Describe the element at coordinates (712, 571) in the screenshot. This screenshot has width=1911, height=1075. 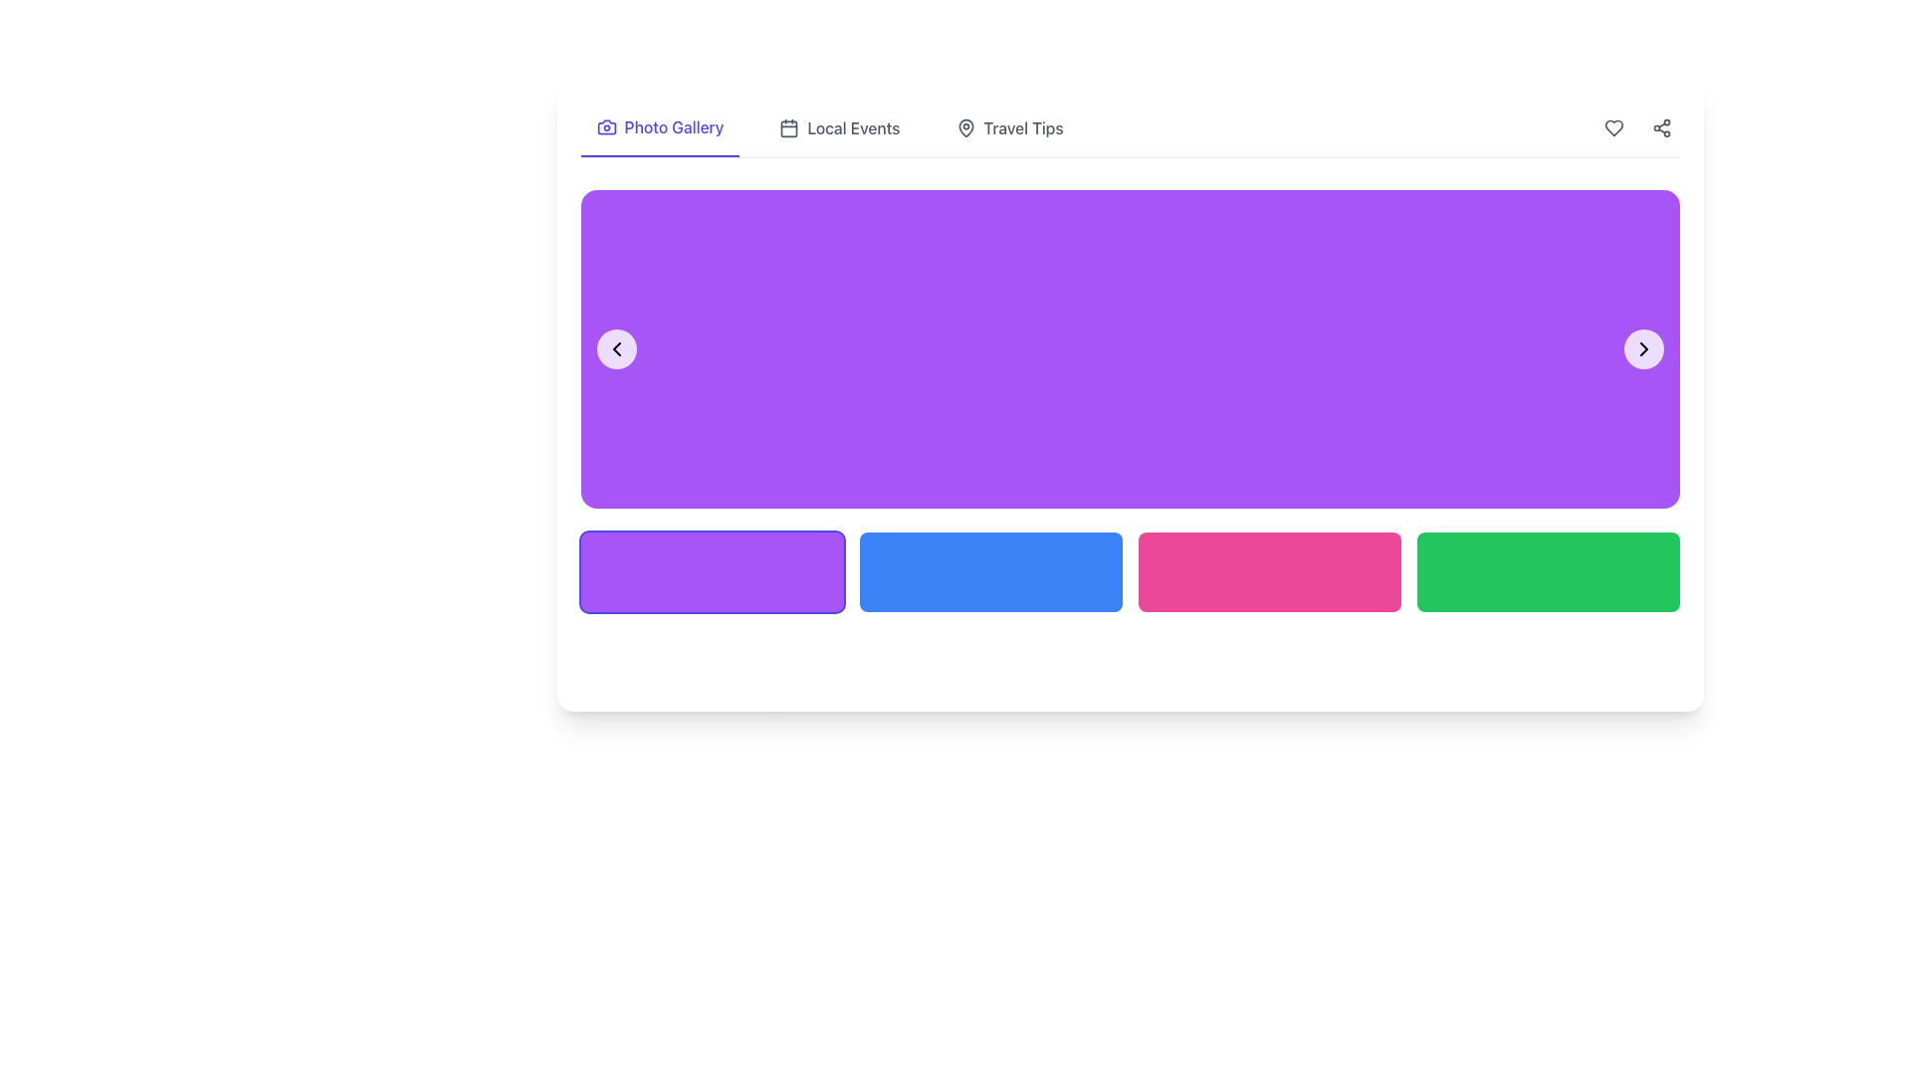
I see `the first rectangular button with a purple background and blue border in the bottom section of the interface` at that location.